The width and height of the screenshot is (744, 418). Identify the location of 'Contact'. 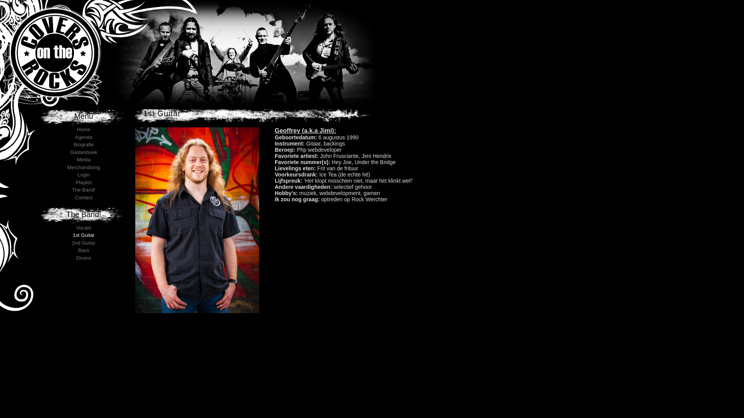
(84, 197).